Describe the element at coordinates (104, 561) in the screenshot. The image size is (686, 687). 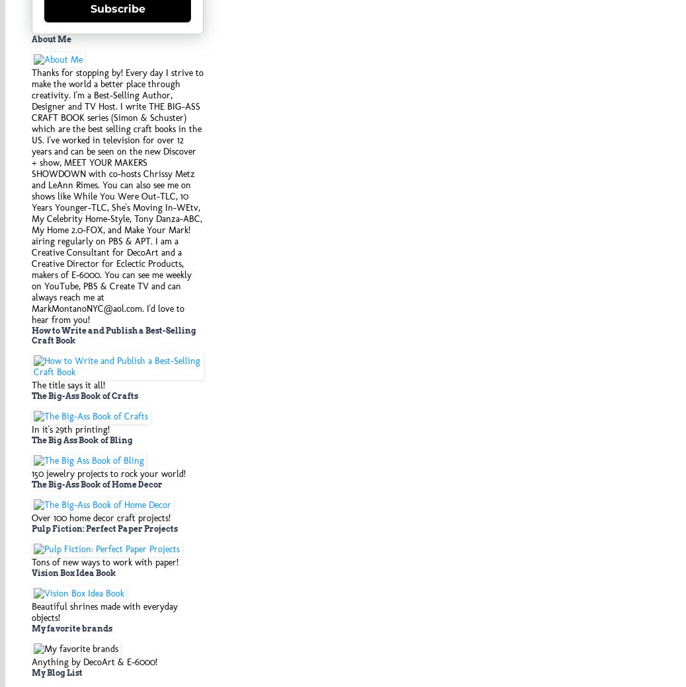
I see `'Tons of new ways to work with paper!'` at that location.